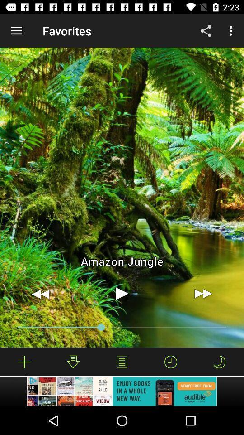  What do you see at coordinates (122, 362) in the screenshot?
I see `the icon which is to the left of the clock icon` at bounding box center [122, 362].